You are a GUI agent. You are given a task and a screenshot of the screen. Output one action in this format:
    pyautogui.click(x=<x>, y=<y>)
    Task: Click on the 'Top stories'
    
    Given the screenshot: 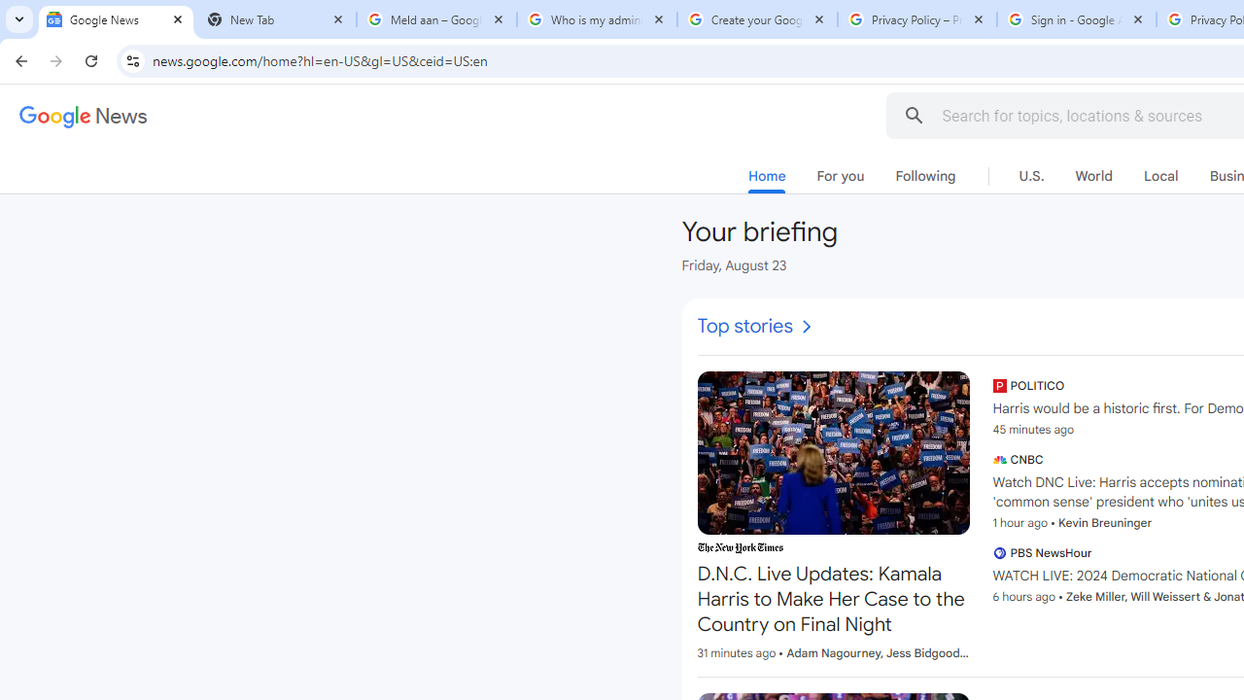 What is the action you would take?
    pyautogui.click(x=755, y=326)
    